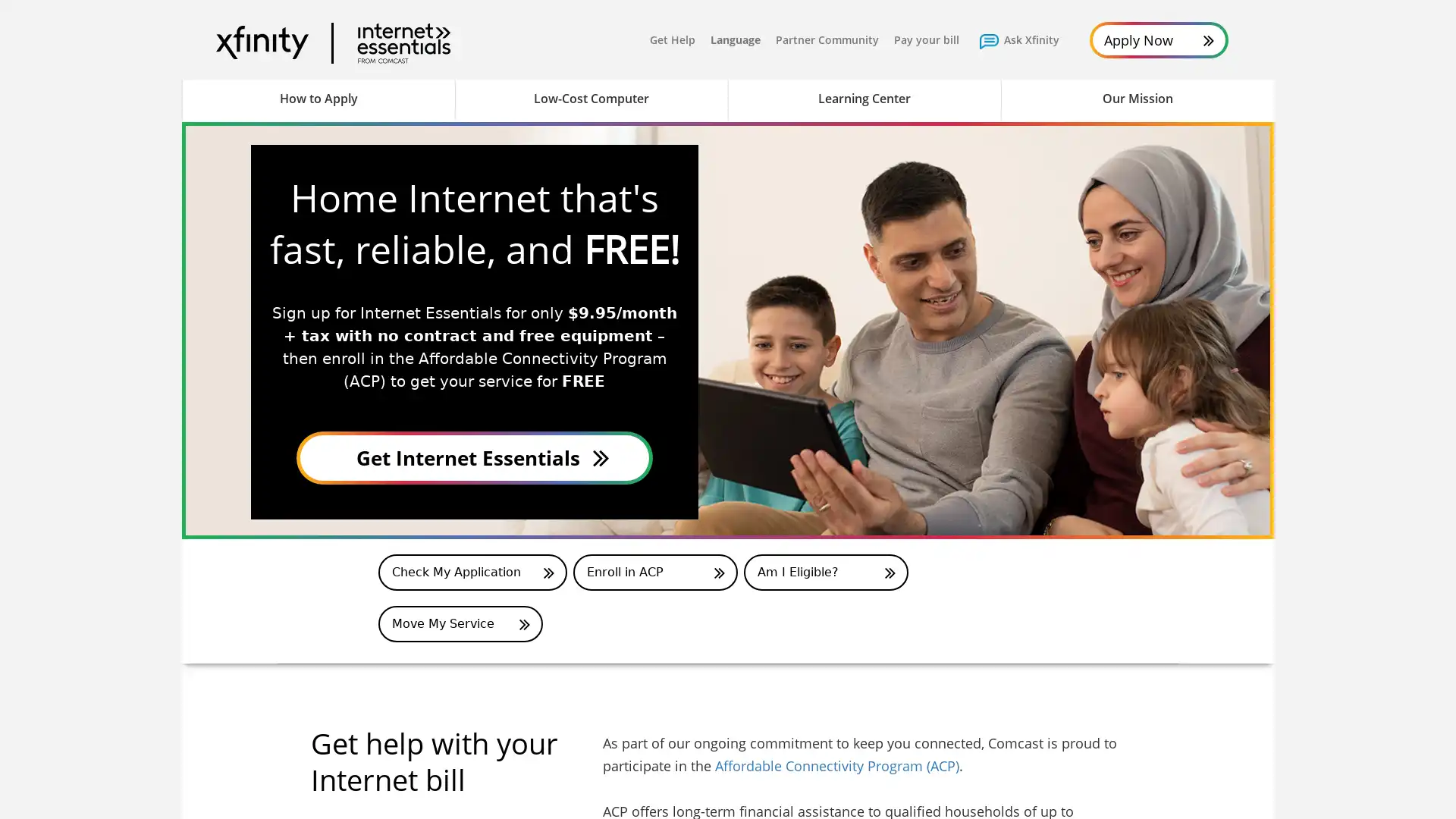 The image size is (1456, 819). What do you see at coordinates (825, 573) in the screenshot?
I see `Am I Eligible for ACP` at bounding box center [825, 573].